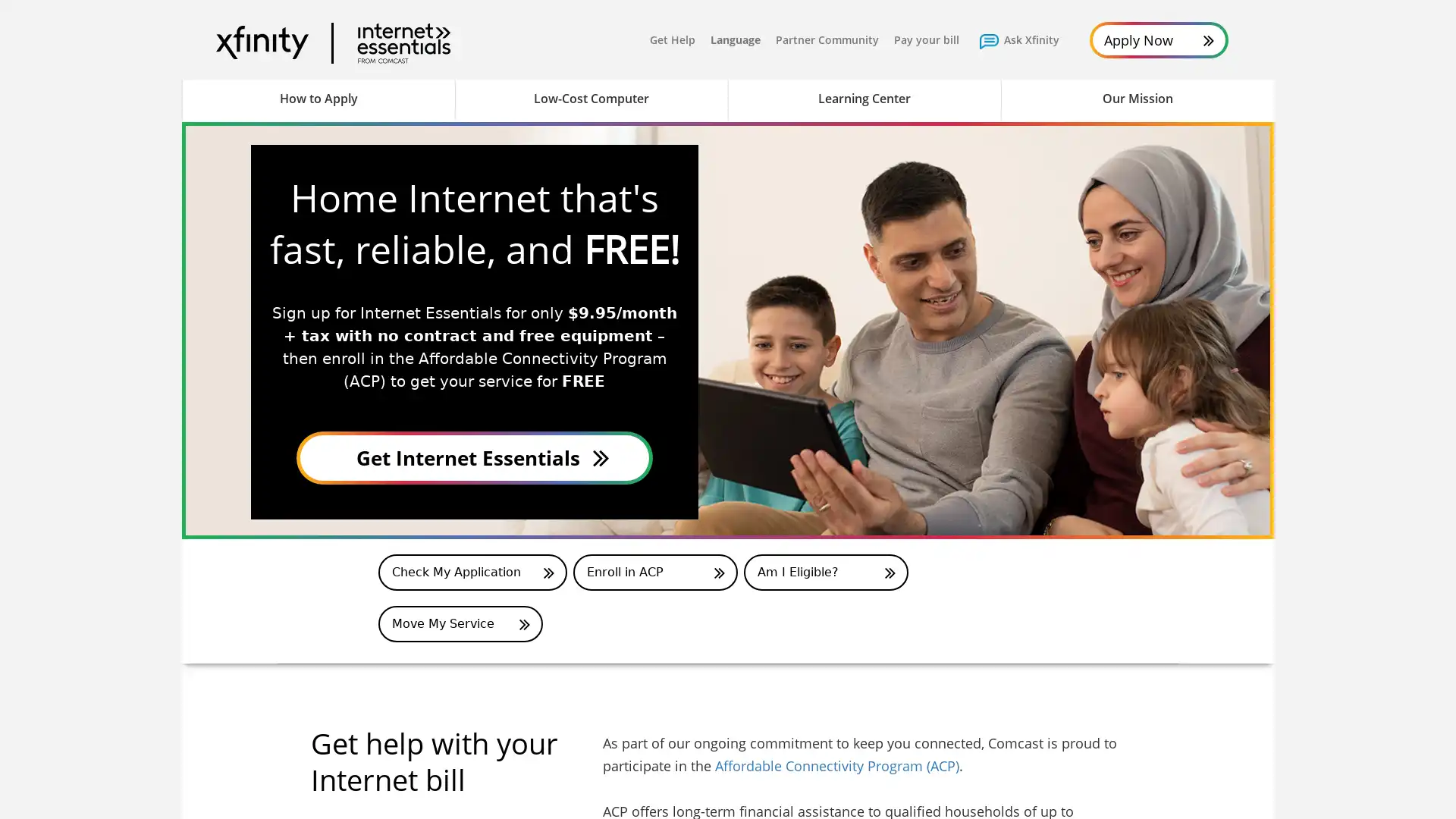 The image size is (1456, 819). What do you see at coordinates (825, 573) in the screenshot?
I see `Am I Eligible for ACP` at bounding box center [825, 573].